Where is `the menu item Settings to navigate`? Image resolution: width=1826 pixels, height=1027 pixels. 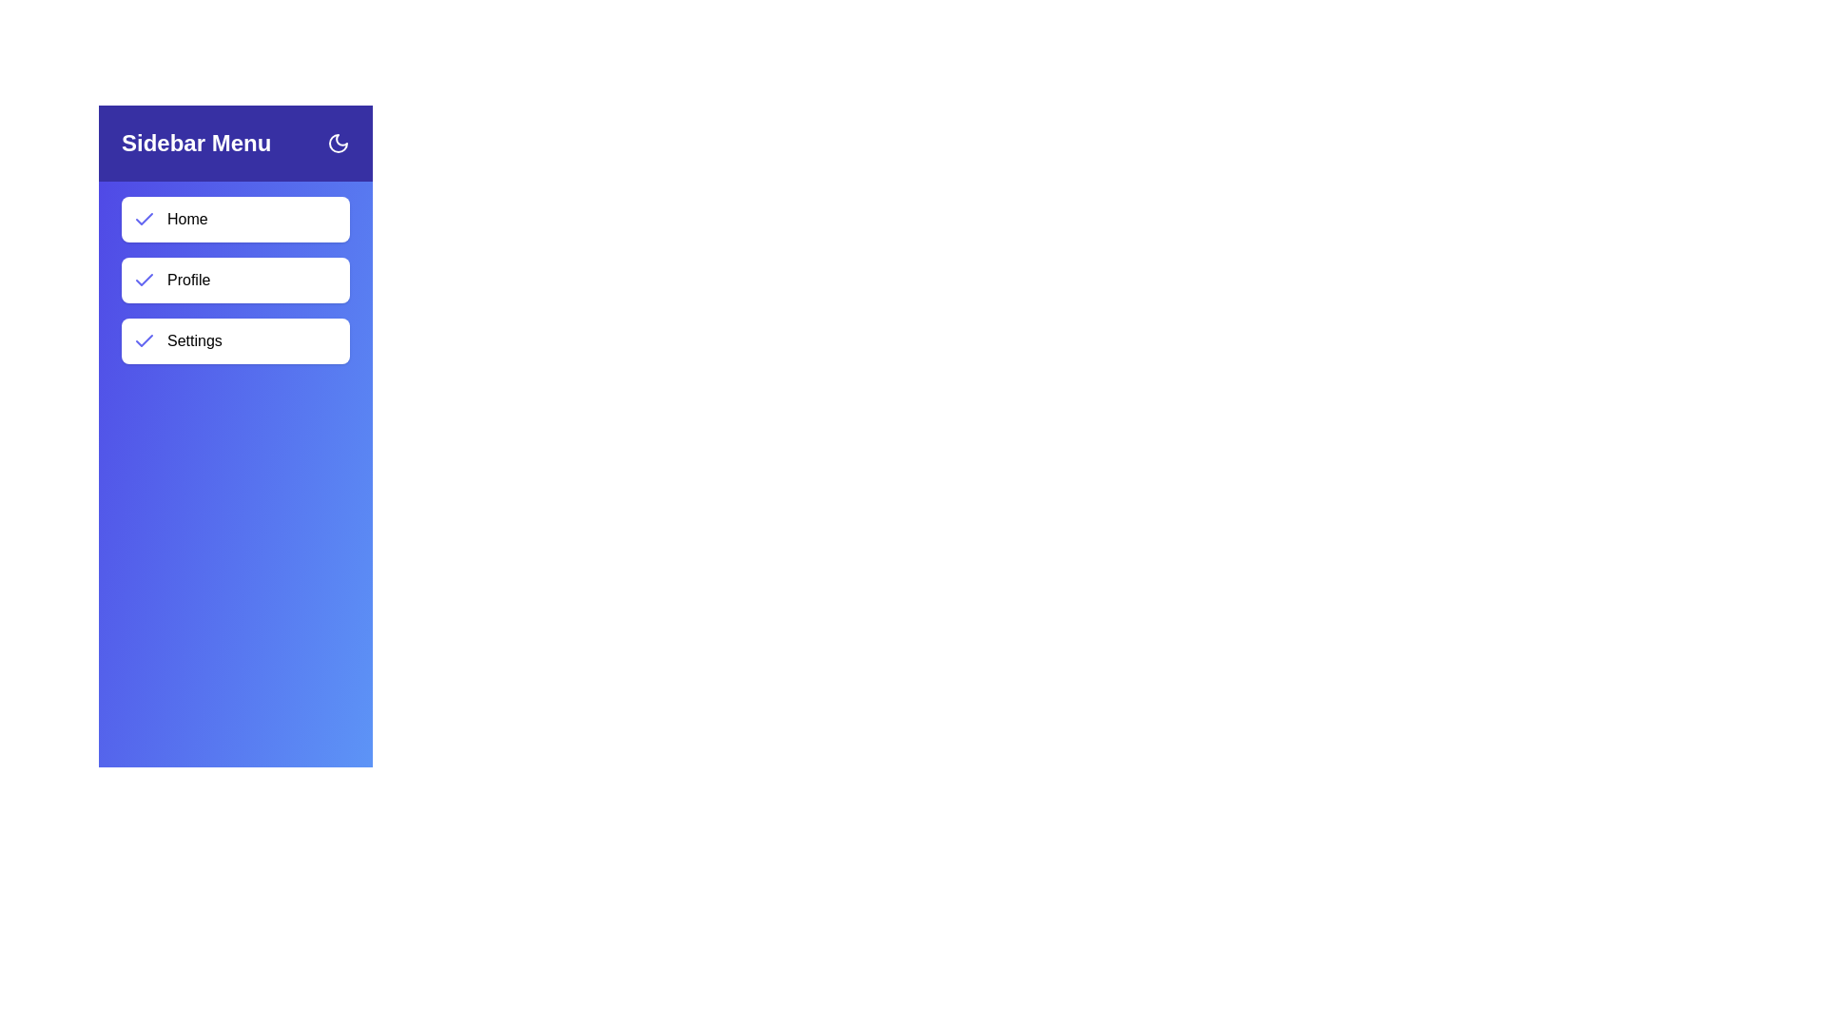
the menu item Settings to navigate is located at coordinates (235, 339).